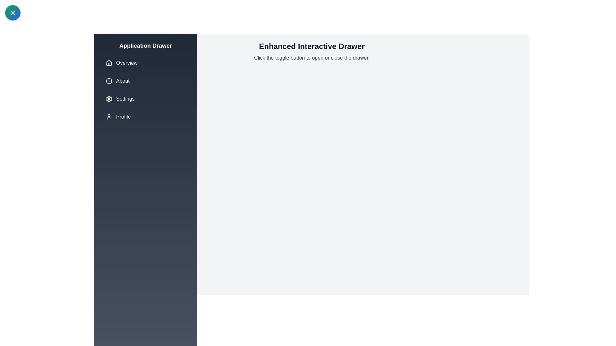  What do you see at coordinates (13, 12) in the screenshot?
I see `the toggle button at the top-left to toggle the drawer open or closed` at bounding box center [13, 12].